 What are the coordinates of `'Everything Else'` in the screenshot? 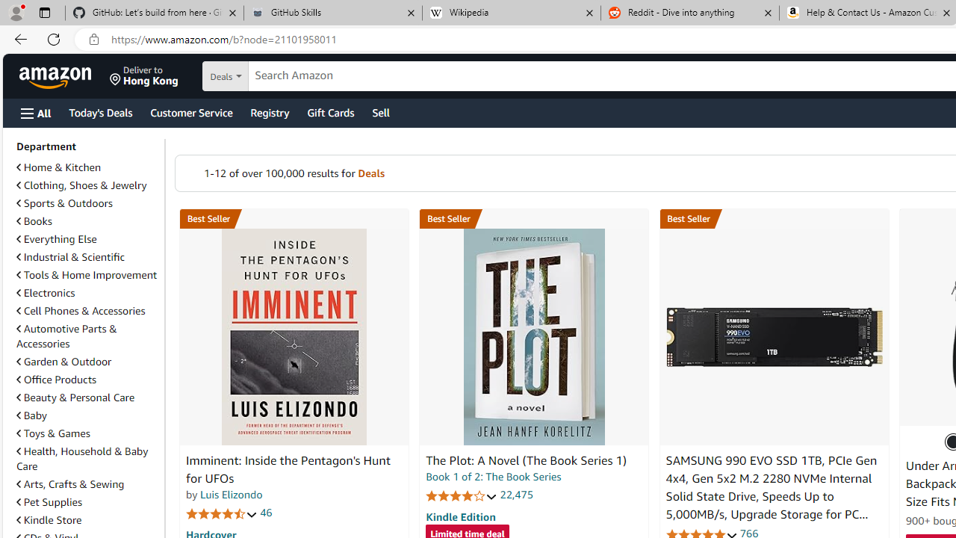 It's located at (57, 238).